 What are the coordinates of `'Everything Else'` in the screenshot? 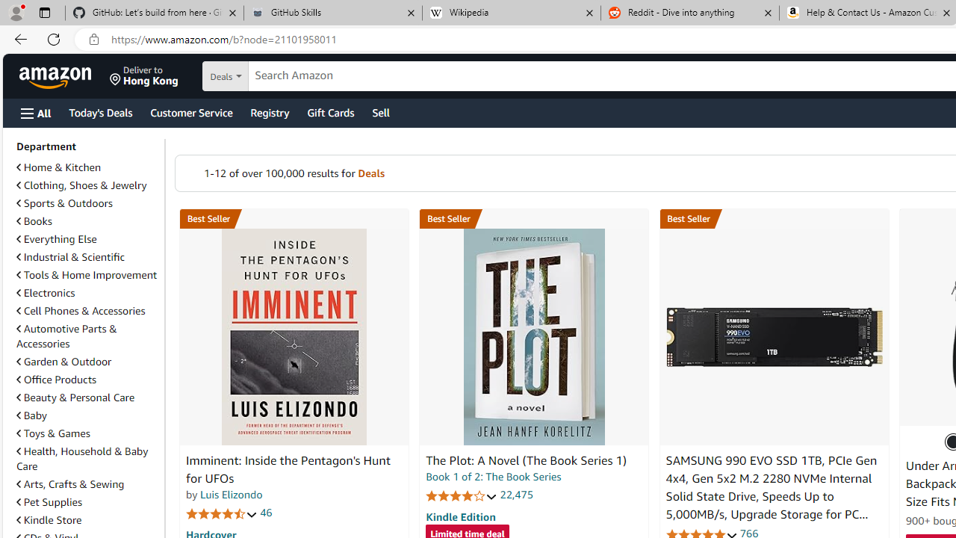 It's located at (57, 238).